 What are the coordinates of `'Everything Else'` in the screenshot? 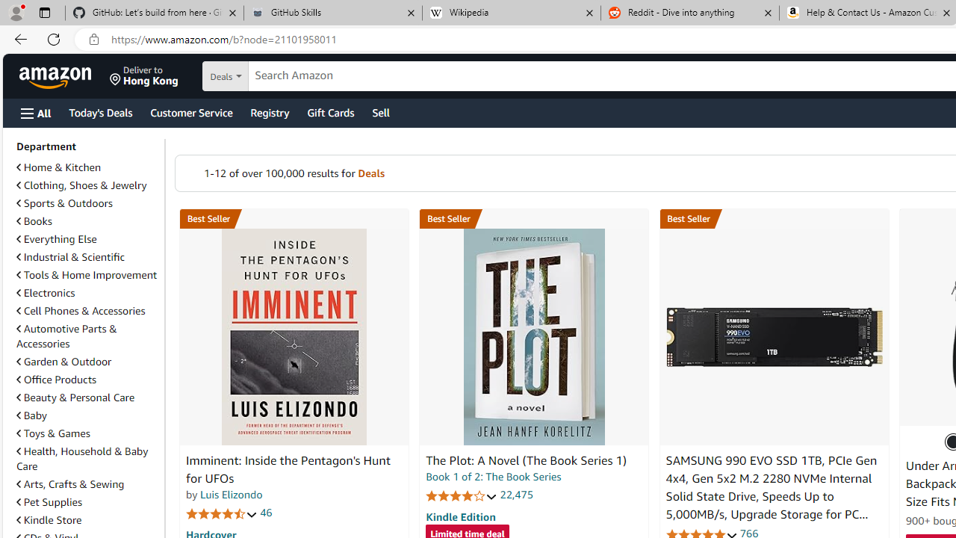 It's located at (57, 238).